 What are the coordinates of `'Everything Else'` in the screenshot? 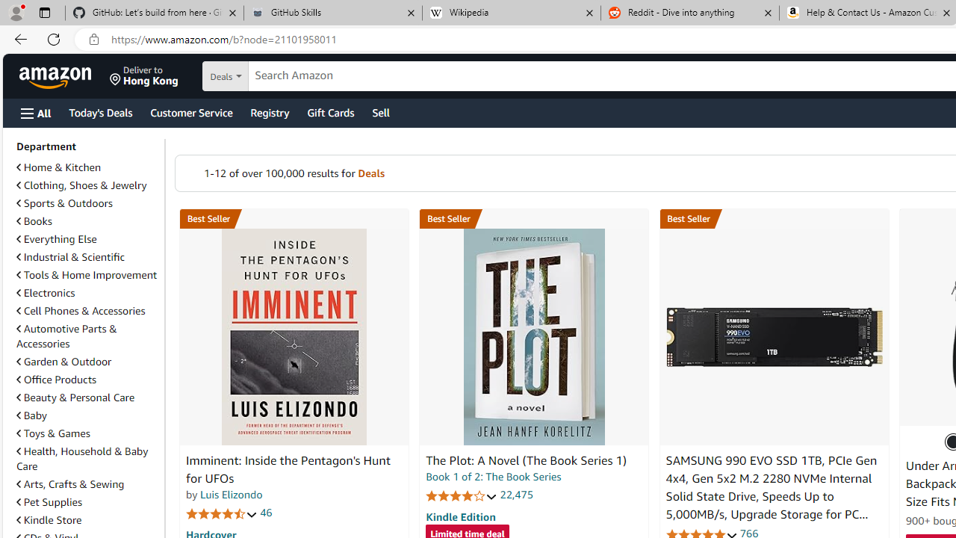 It's located at (57, 238).